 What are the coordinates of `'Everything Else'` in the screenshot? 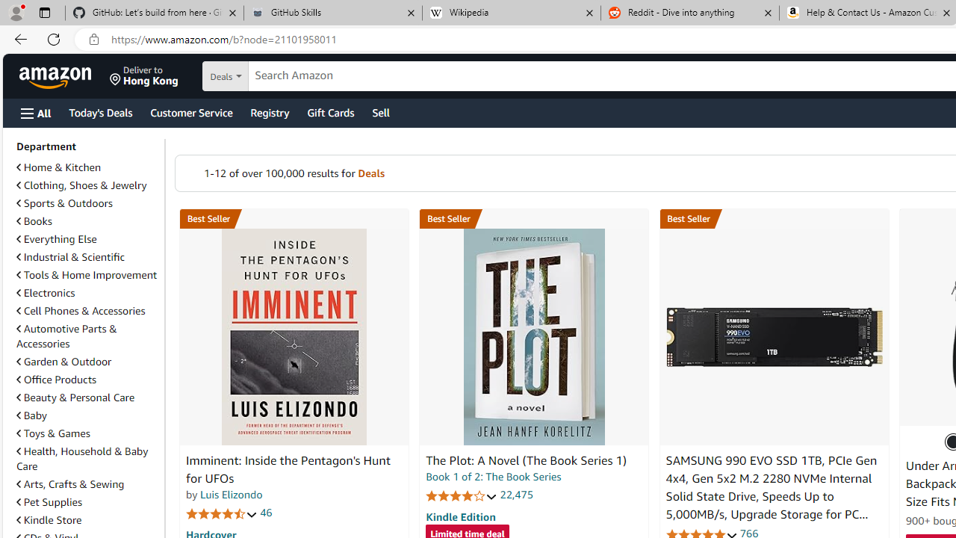 It's located at (57, 238).